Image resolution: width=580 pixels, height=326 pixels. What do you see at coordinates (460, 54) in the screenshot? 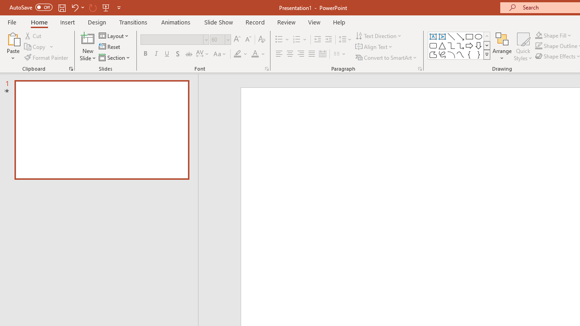
I see `'Curve'` at bounding box center [460, 54].